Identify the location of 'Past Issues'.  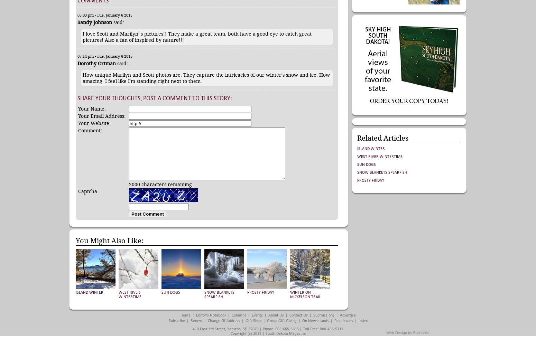
(343, 321).